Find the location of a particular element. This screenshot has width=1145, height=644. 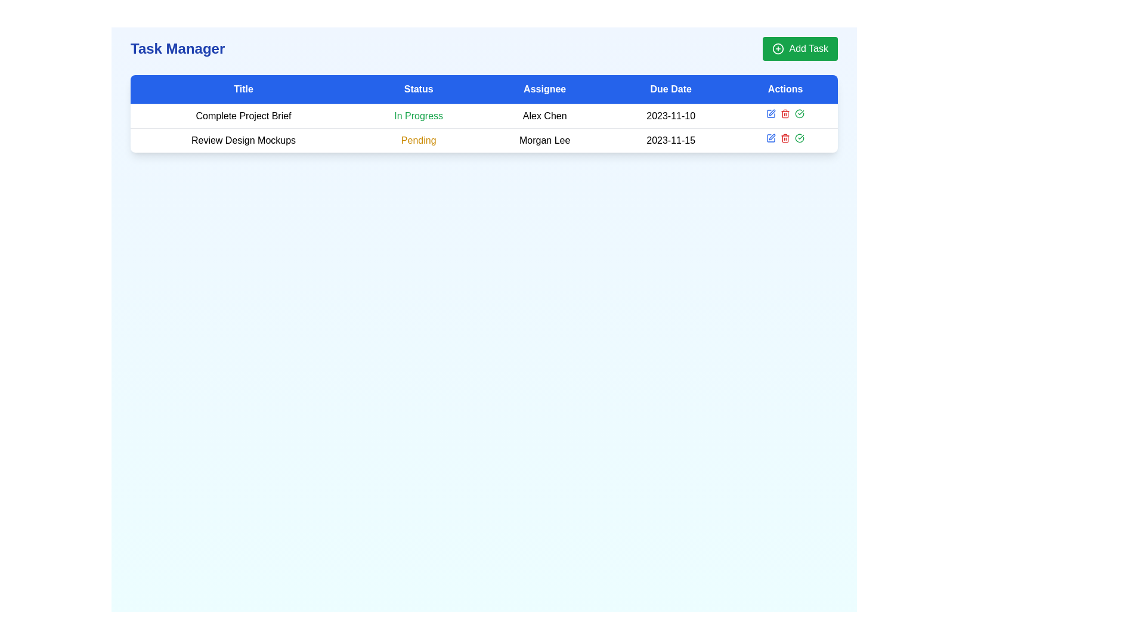

the Table Header Cell that serves as the label for the 'Actions' column, located at the top-right corner of the table is located at coordinates (785, 89).